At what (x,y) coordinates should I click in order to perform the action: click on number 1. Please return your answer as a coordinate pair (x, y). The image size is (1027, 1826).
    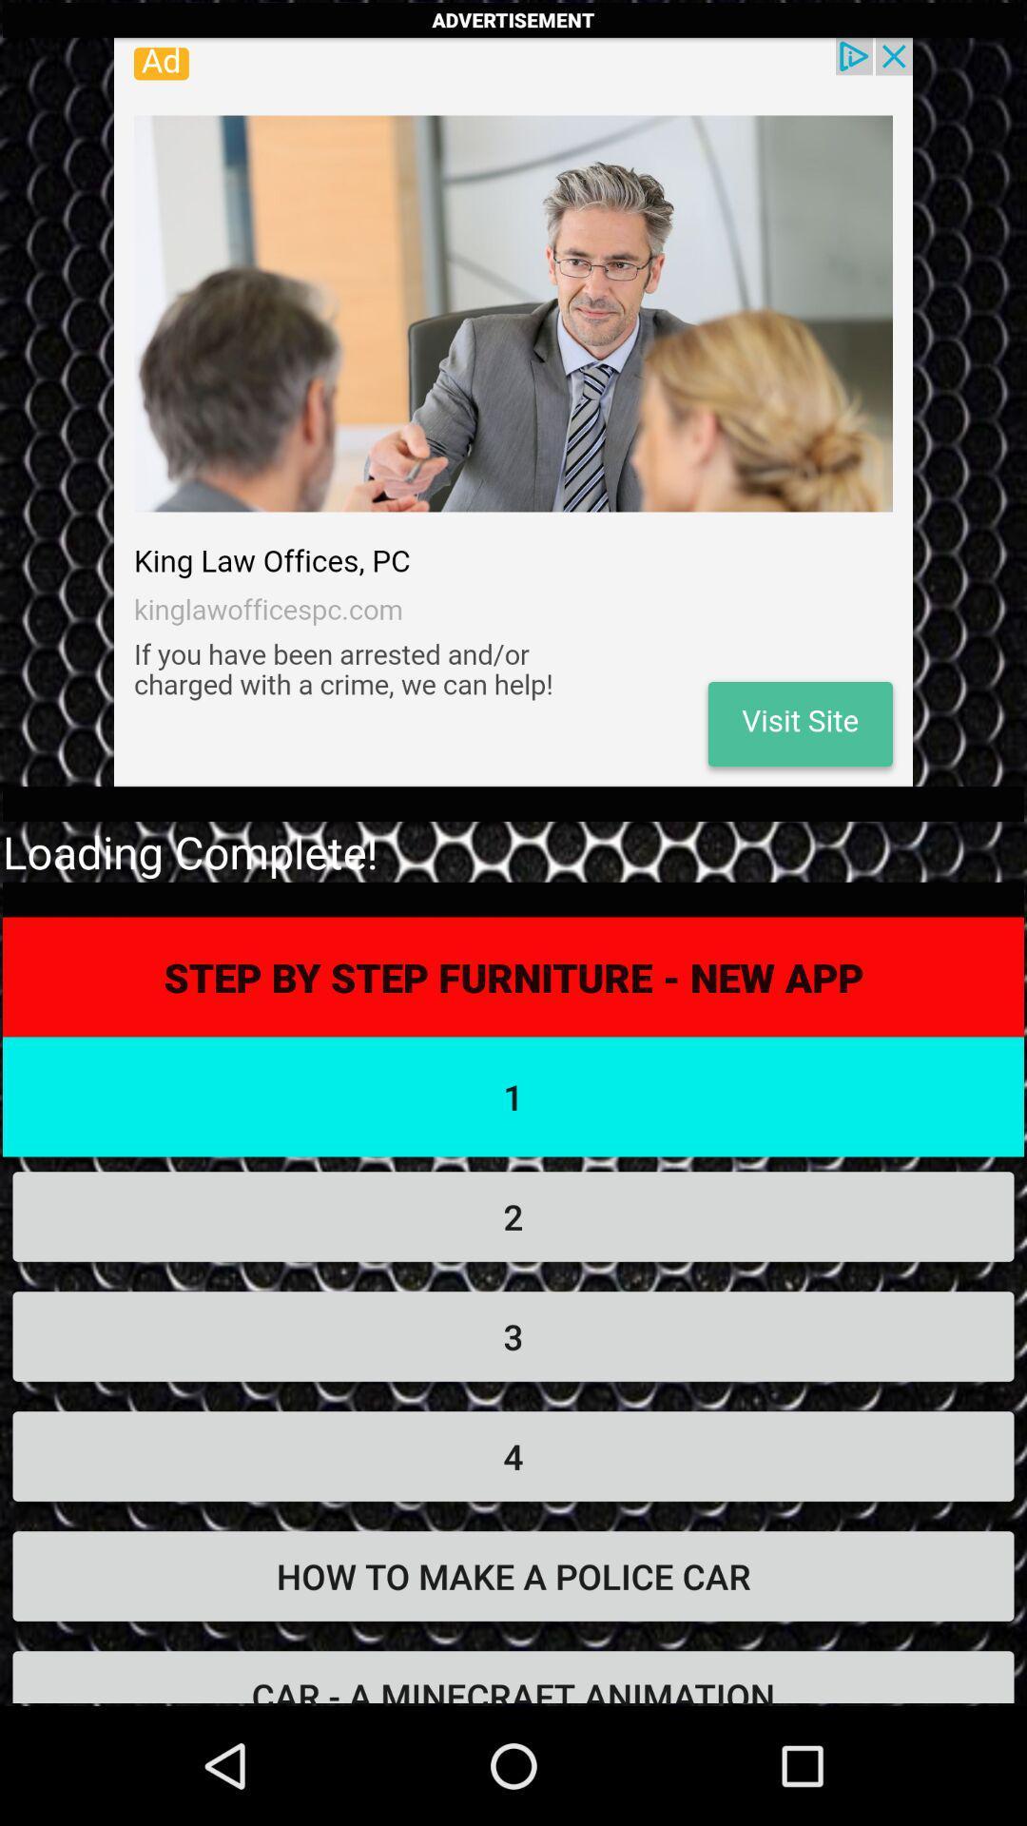
    Looking at the image, I should click on (513, 1097).